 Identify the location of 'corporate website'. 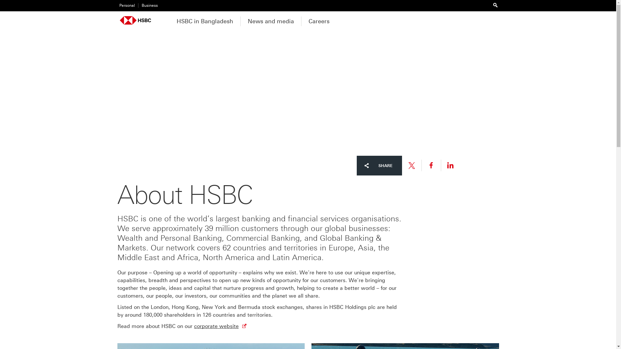
(194, 326).